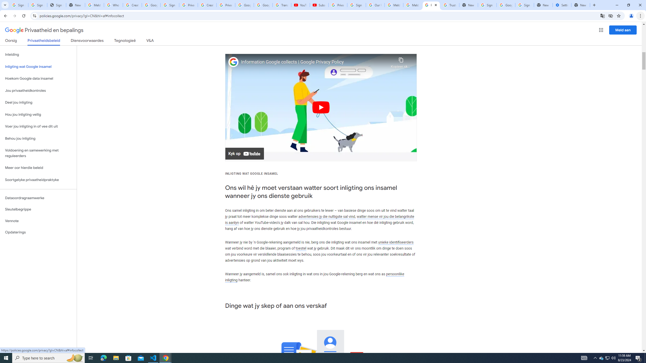  What do you see at coordinates (38, 221) in the screenshot?
I see `'Vennote'` at bounding box center [38, 221].